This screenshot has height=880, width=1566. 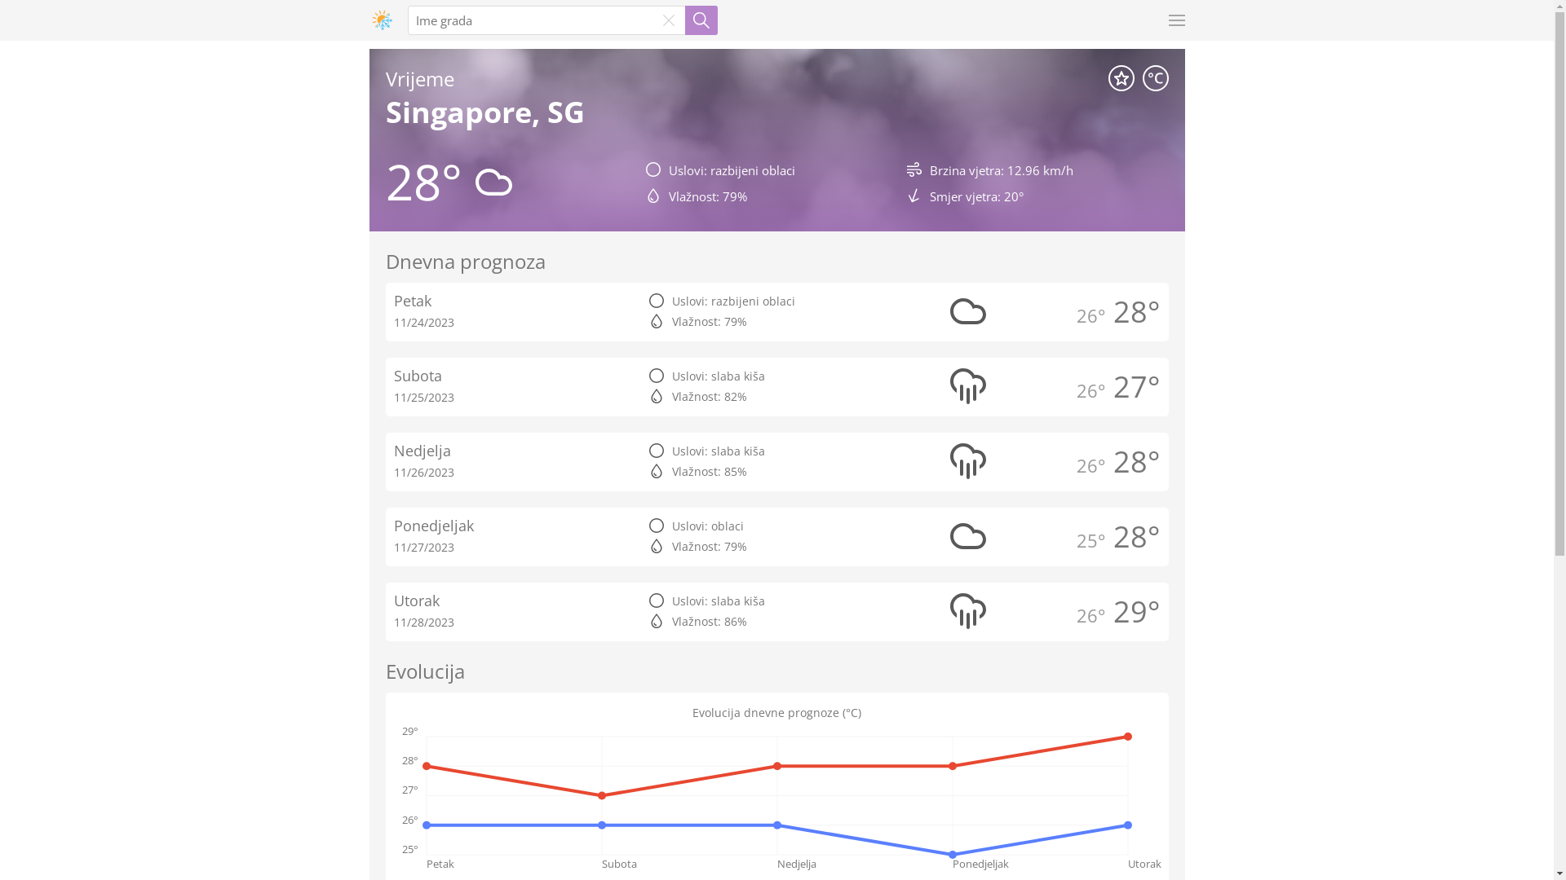 What do you see at coordinates (484, 111) in the screenshot?
I see `'Singapore, SG'` at bounding box center [484, 111].